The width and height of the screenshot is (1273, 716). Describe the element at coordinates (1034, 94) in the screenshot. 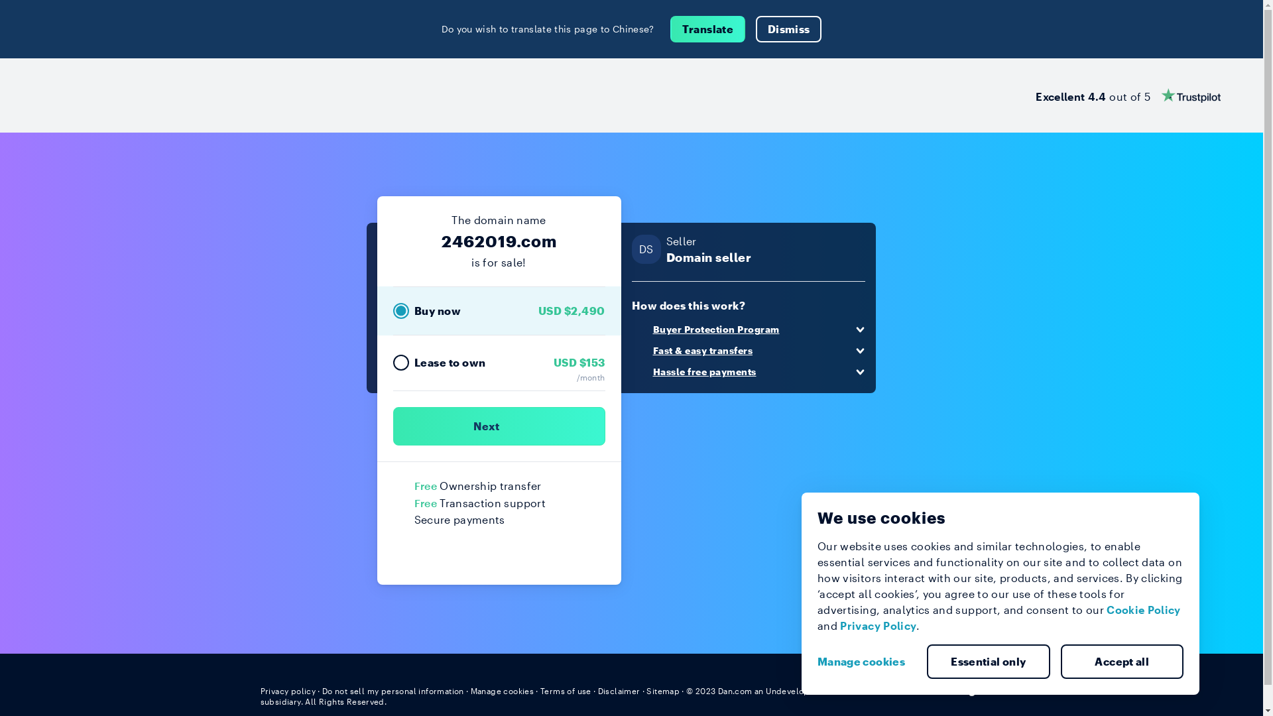

I see `'Excellent 4.4 out of 5'` at that location.